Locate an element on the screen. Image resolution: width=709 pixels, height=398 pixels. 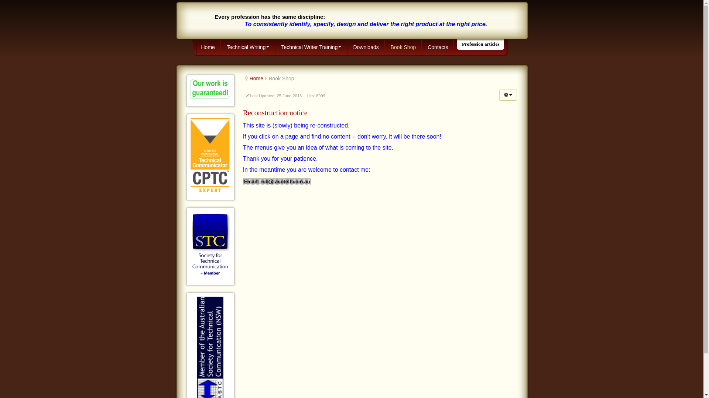
'Profession articles' is located at coordinates (480, 44).